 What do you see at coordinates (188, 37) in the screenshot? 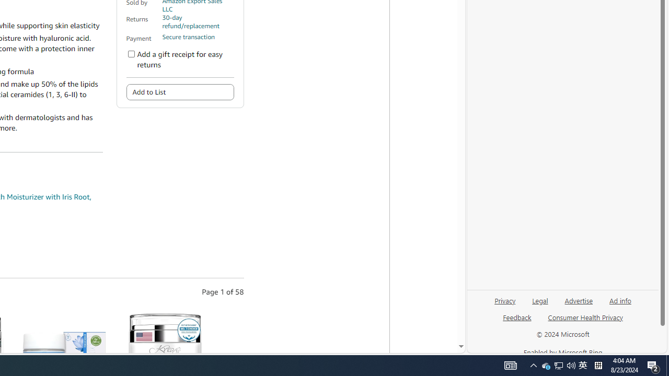
I see `'Secure transaction'` at bounding box center [188, 37].